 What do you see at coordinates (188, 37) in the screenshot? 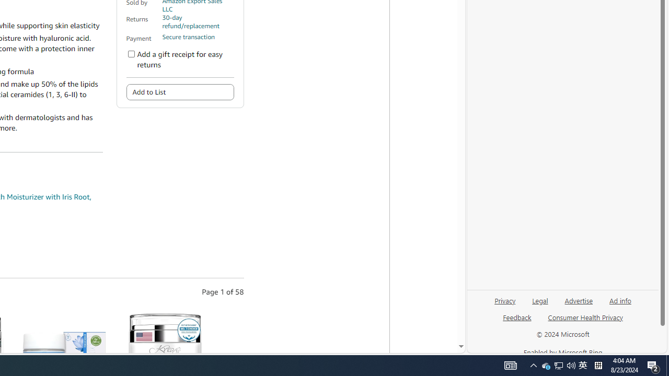
I see `'Secure transaction'` at bounding box center [188, 37].